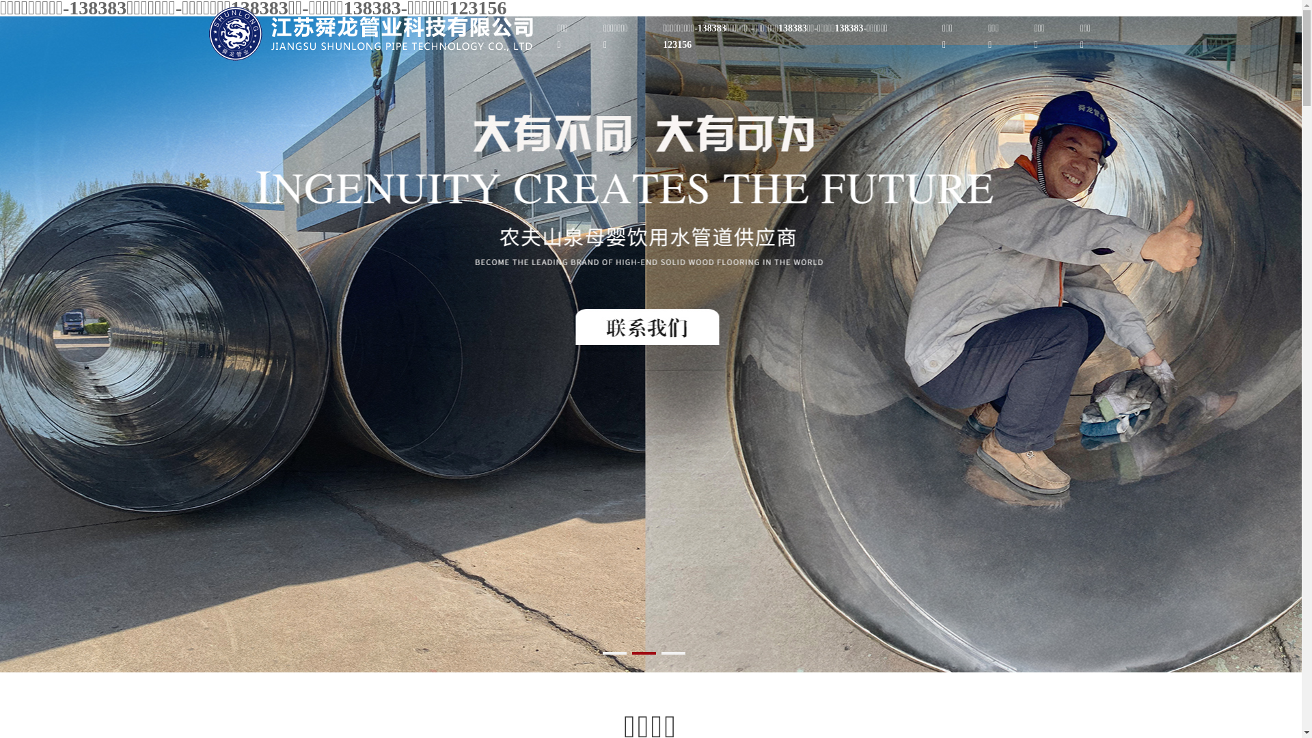 The width and height of the screenshot is (1312, 738). What do you see at coordinates (614, 653) in the screenshot?
I see `'1'` at bounding box center [614, 653].